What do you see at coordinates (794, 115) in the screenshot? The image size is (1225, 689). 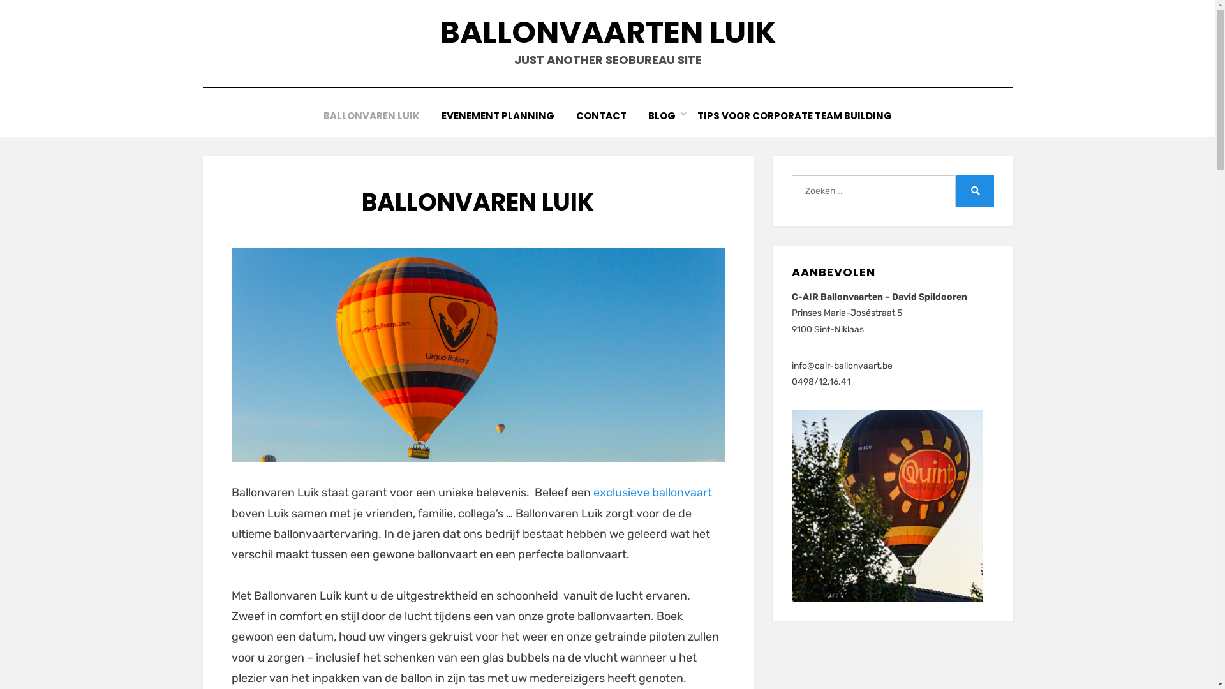 I see `'TIPS VOOR CORPORATE TEAM BUILDING'` at bounding box center [794, 115].